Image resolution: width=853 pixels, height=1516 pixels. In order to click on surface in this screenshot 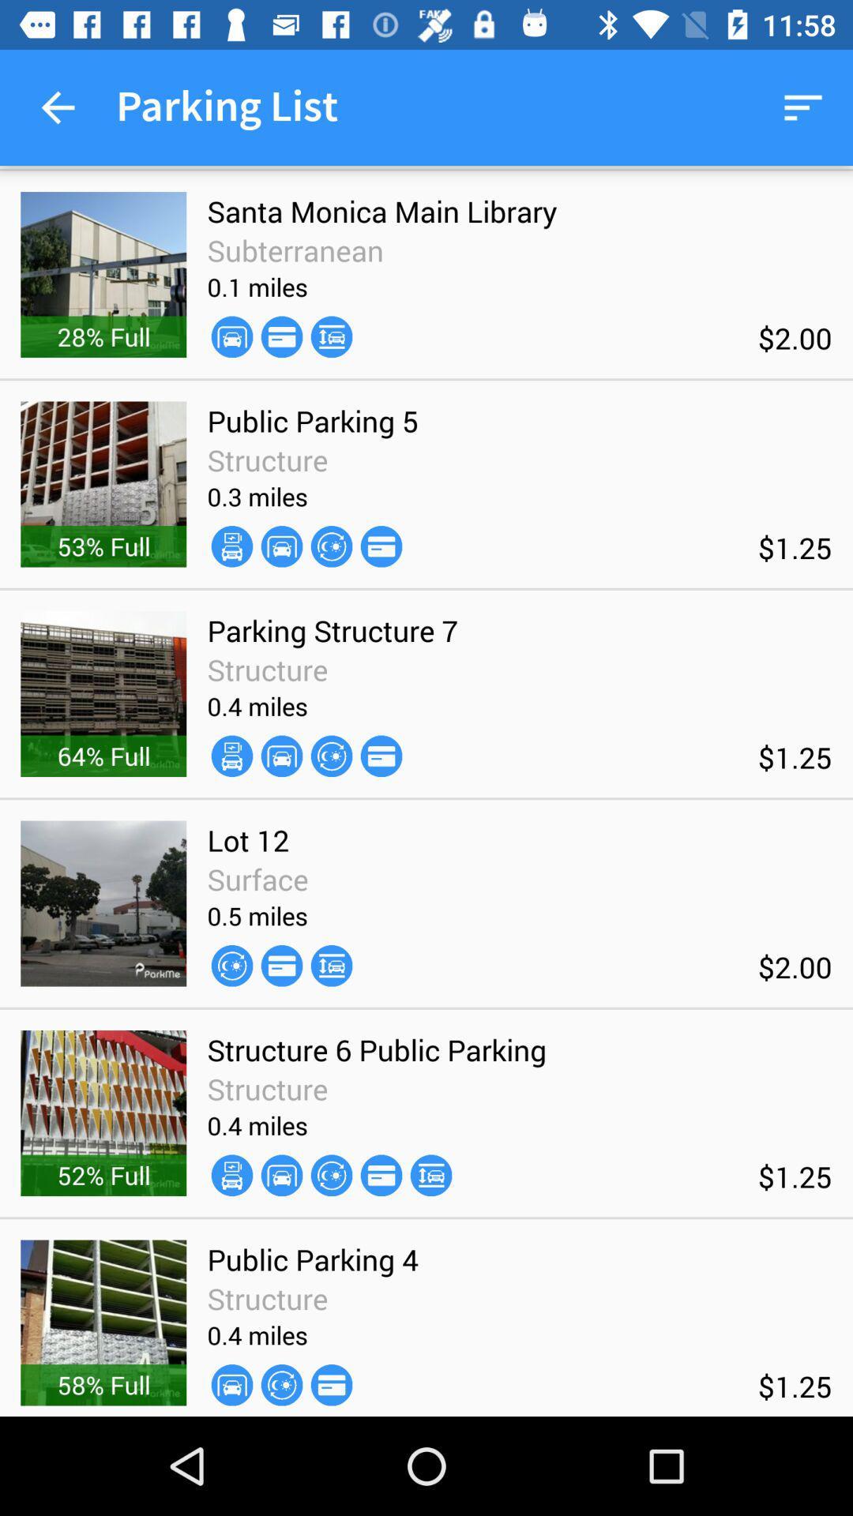, I will do `click(257, 878)`.